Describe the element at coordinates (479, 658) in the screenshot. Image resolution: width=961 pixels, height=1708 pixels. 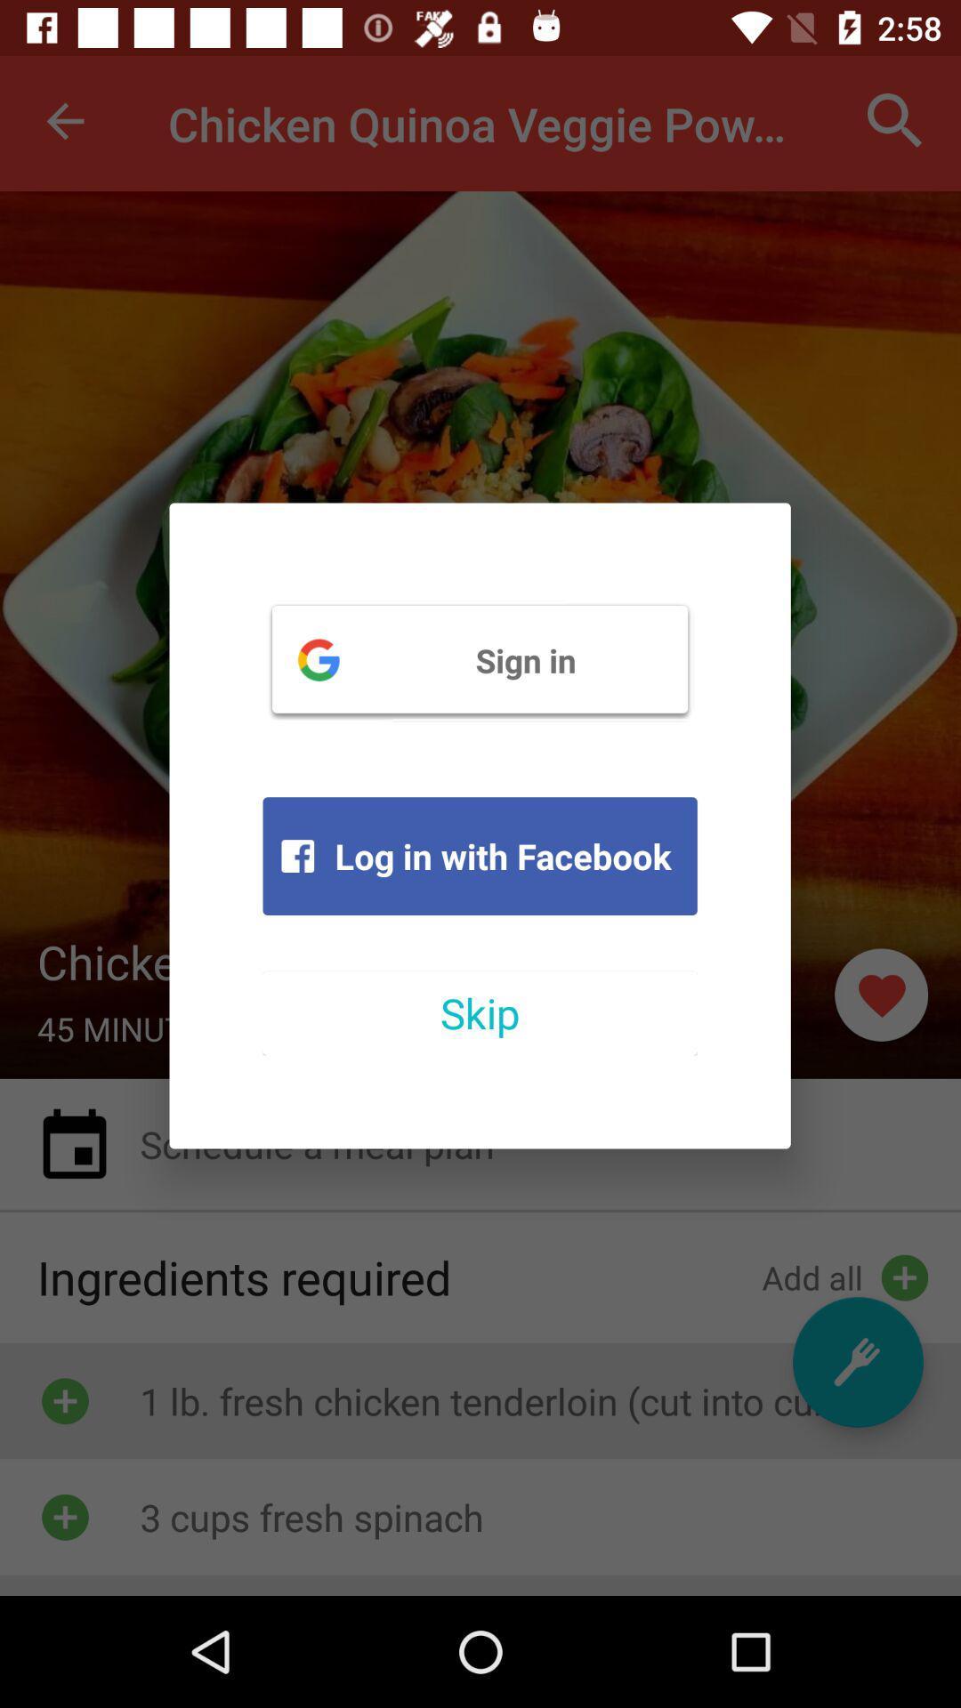
I see `the item above log in with` at that location.